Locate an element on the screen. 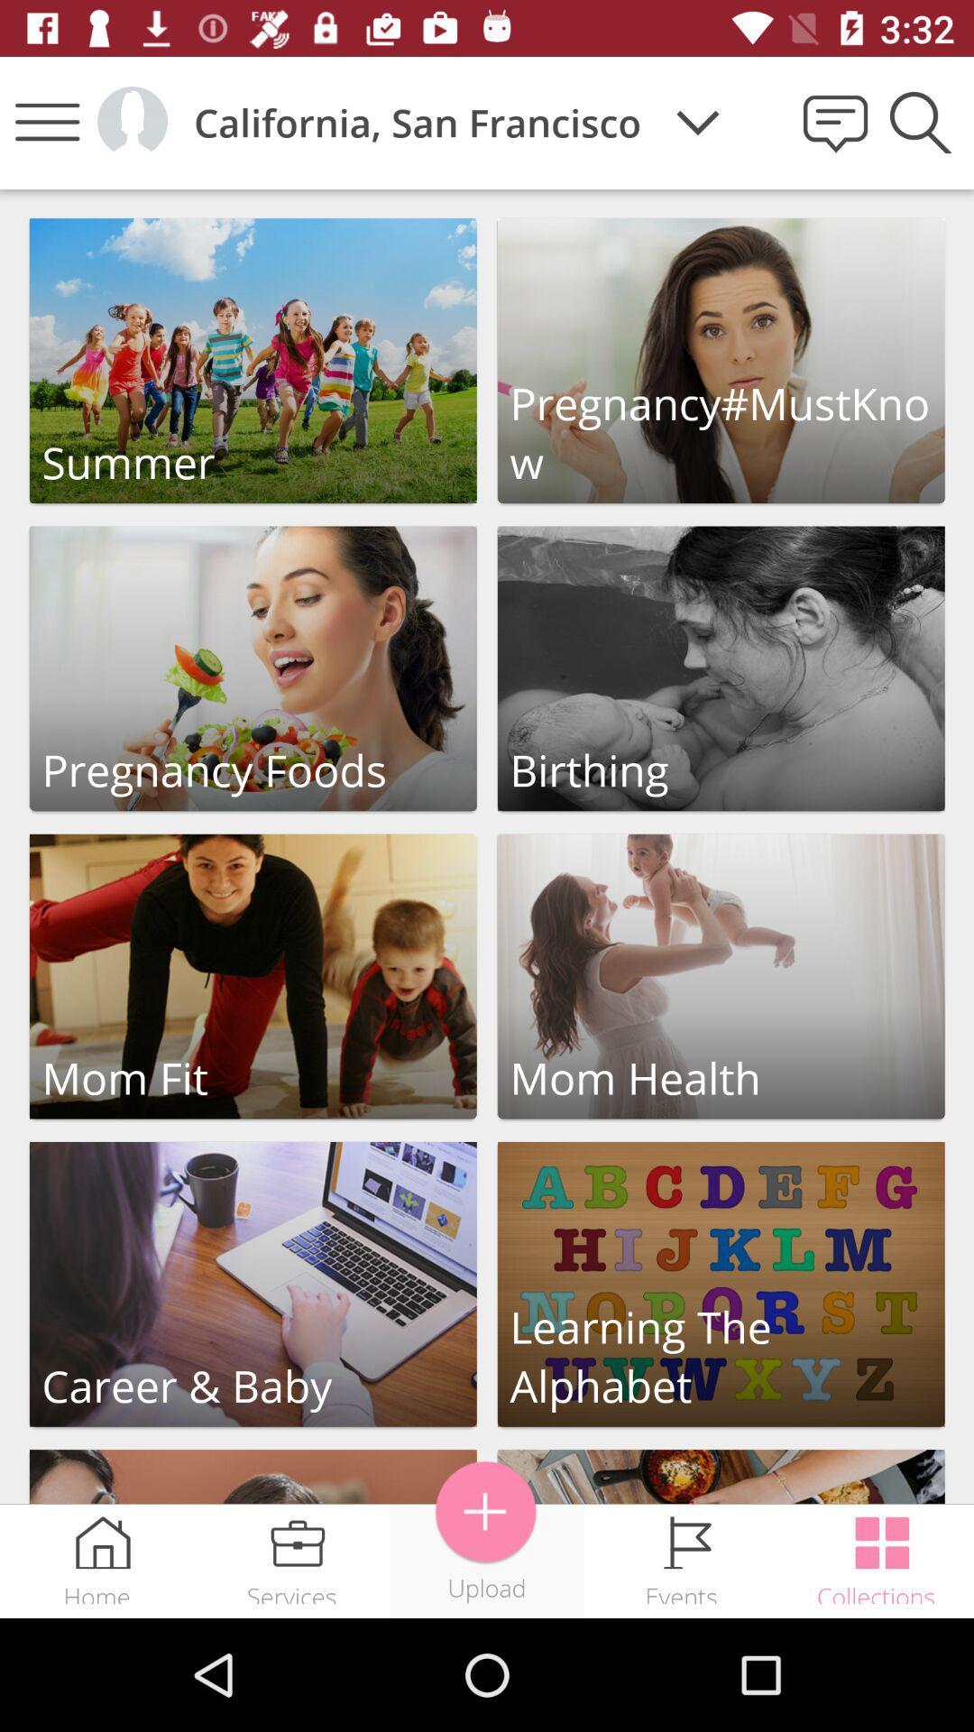  pregnancy foods is located at coordinates (253, 668).